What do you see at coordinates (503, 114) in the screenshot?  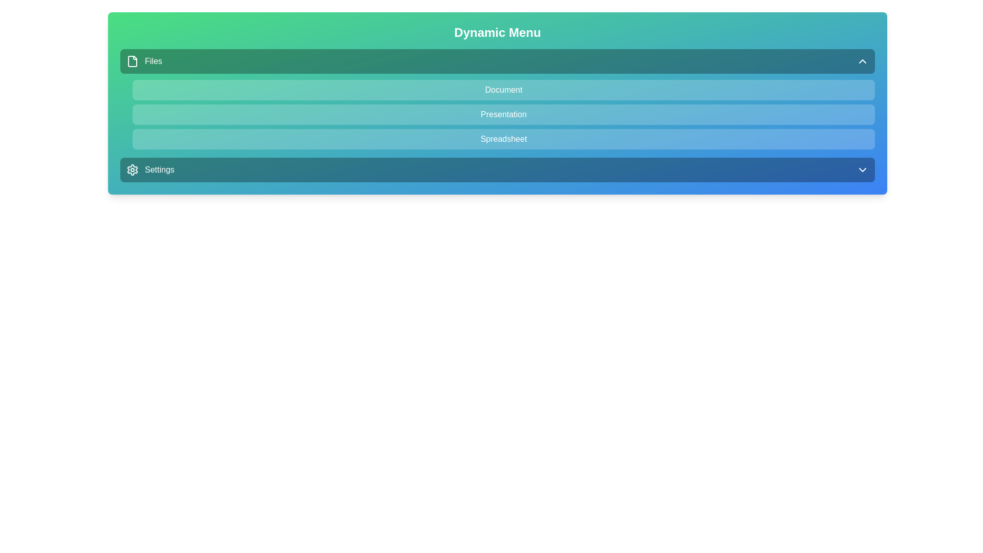 I see `the 'Presentation' button-like menu item, which is the second option in a vertical menu stacked between 'Document' and 'Spreadsheet'` at bounding box center [503, 114].